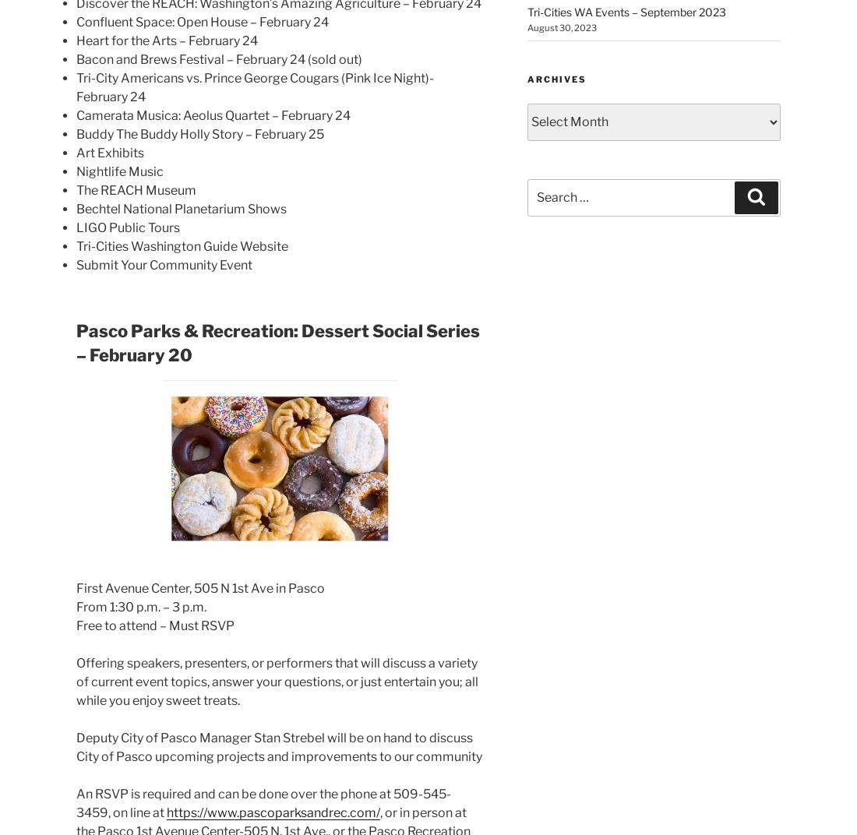 This screenshot has width=857, height=835. What do you see at coordinates (181, 209) in the screenshot?
I see `'Bechtel National Planetarium Shows'` at bounding box center [181, 209].